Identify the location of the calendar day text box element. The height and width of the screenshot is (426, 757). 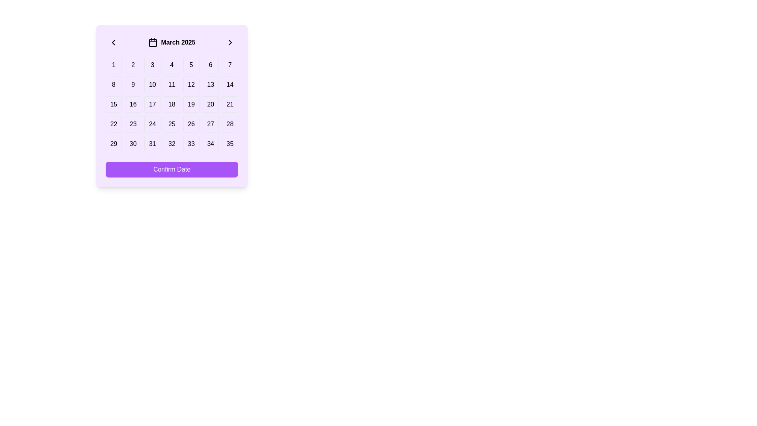
(133, 65).